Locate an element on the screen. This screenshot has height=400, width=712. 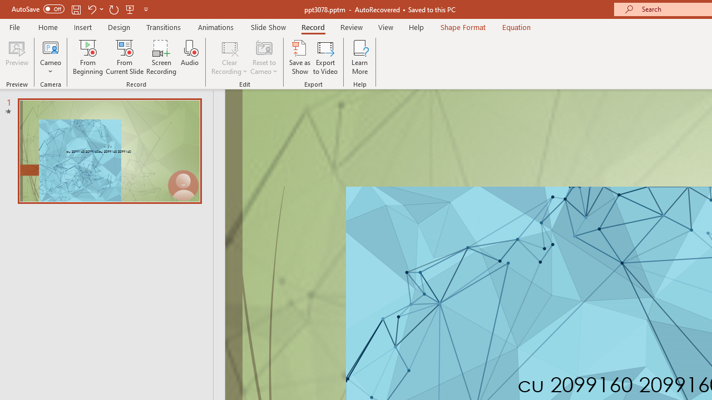
'Reset to Cameo' is located at coordinates (263, 57).